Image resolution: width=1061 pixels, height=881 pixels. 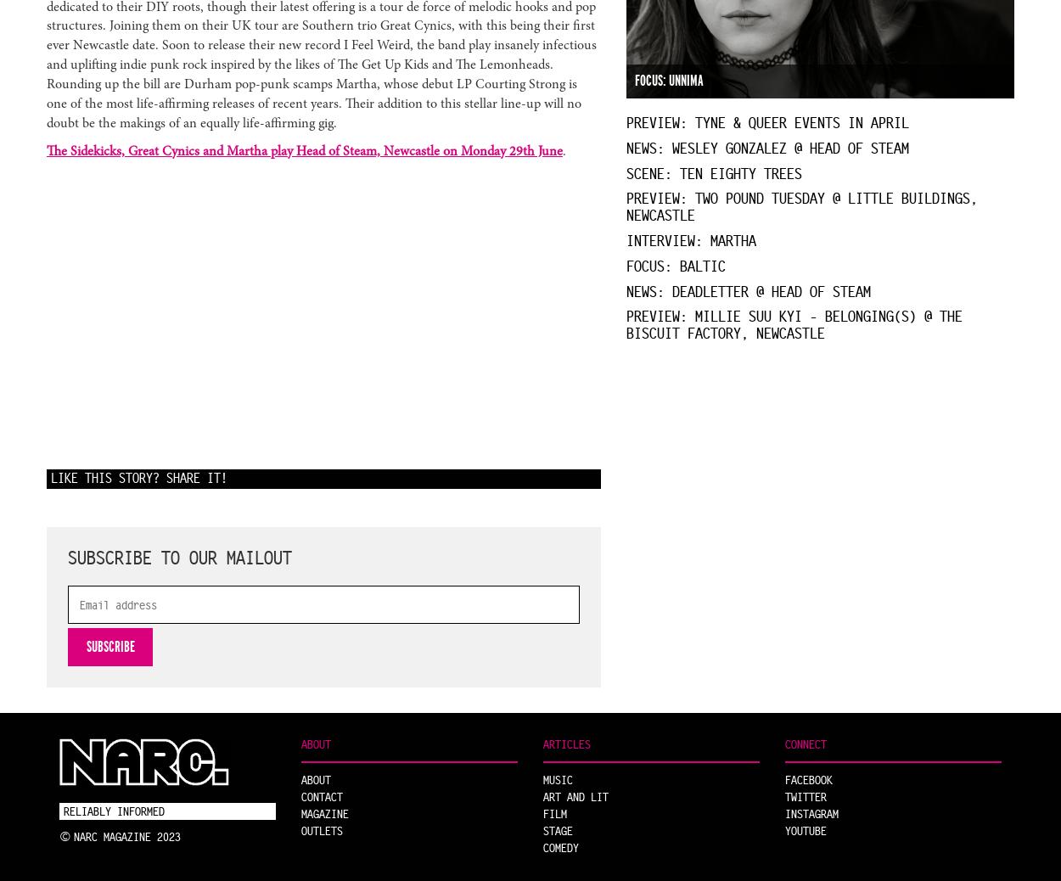 I want to click on 'Magazine', so click(x=325, y=812).